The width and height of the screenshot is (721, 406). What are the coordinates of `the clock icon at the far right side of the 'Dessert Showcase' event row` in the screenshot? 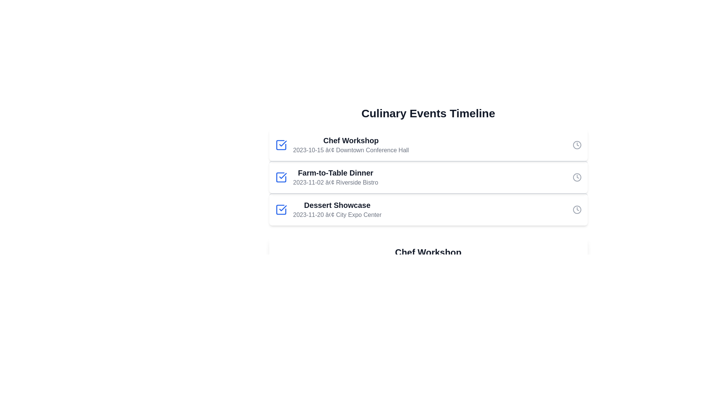 It's located at (576, 210).